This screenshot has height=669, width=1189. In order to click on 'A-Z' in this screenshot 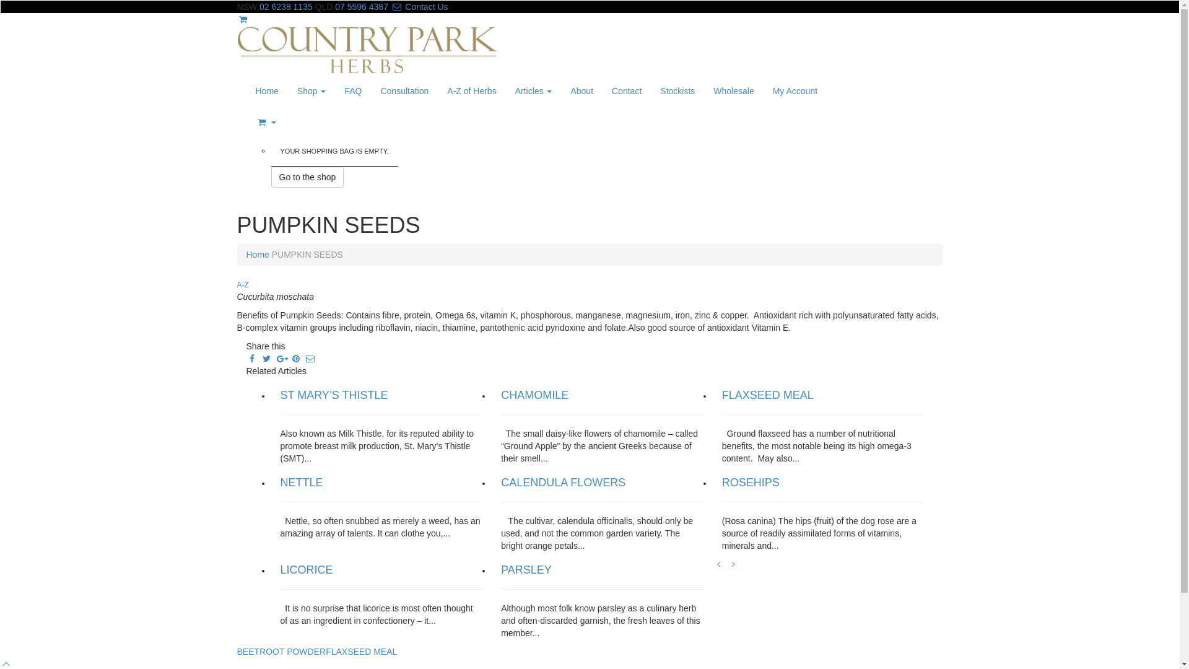, I will do `click(242, 284)`.